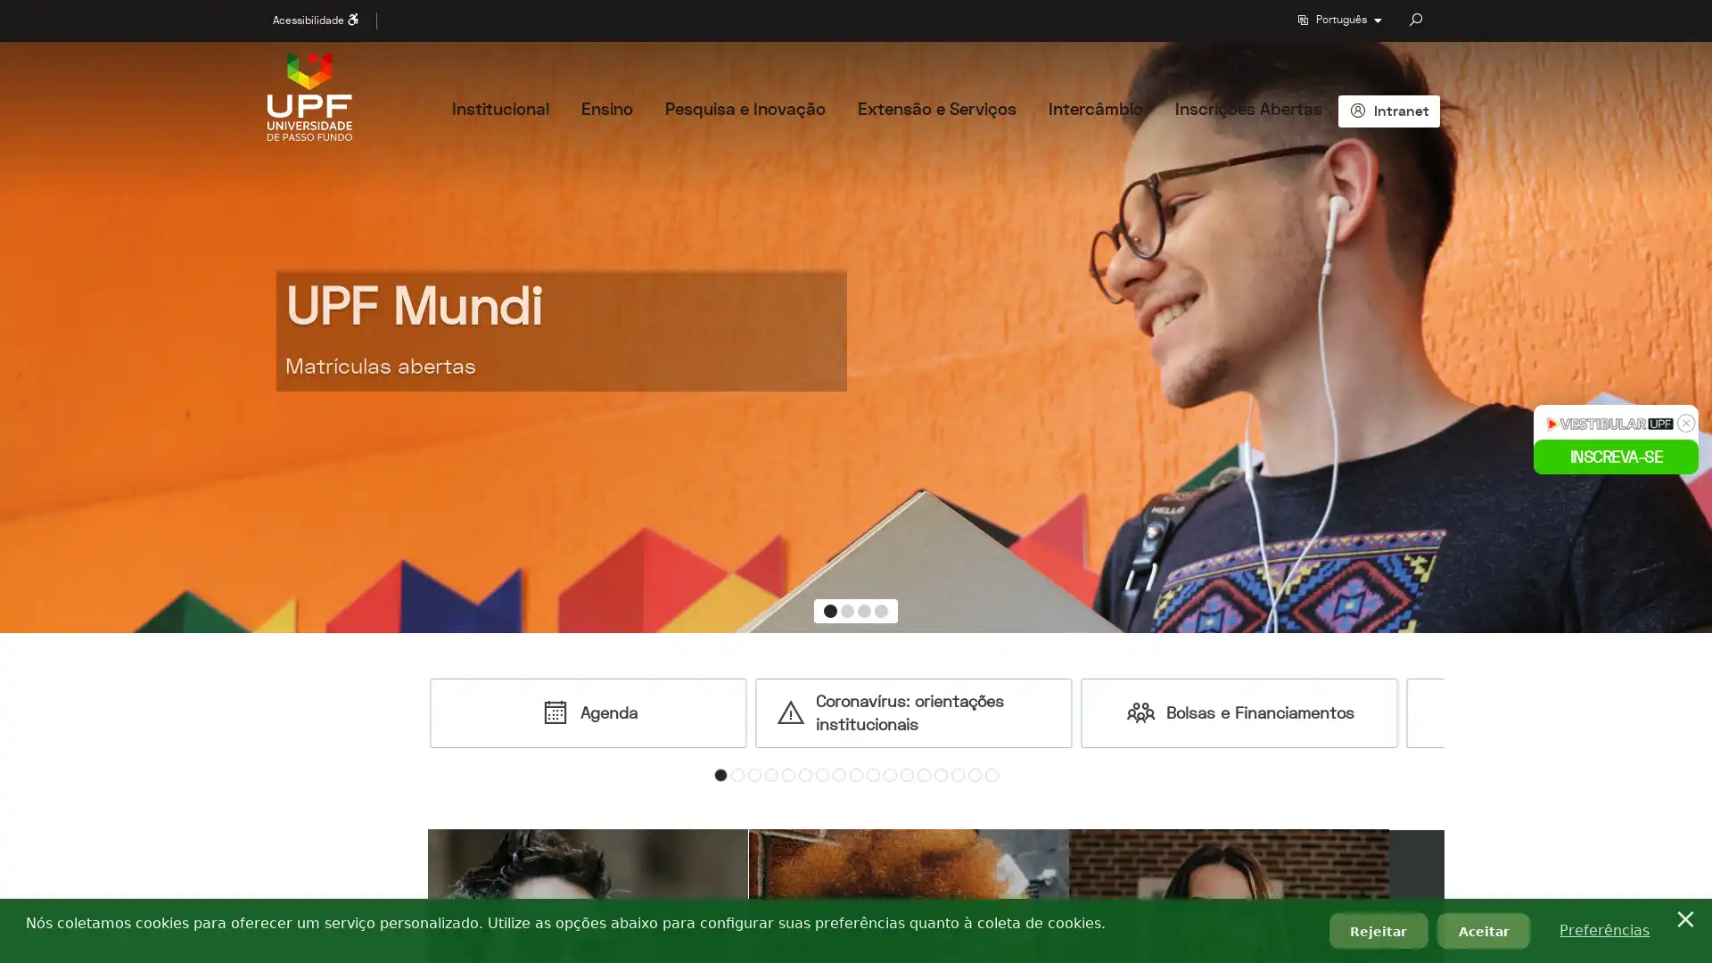 The height and width of the screenshot is (963, 1712). What do you see at coordinates (322, 21) in the screenshot?
I see `Acessibilidade` at bounding box center [322, 21].